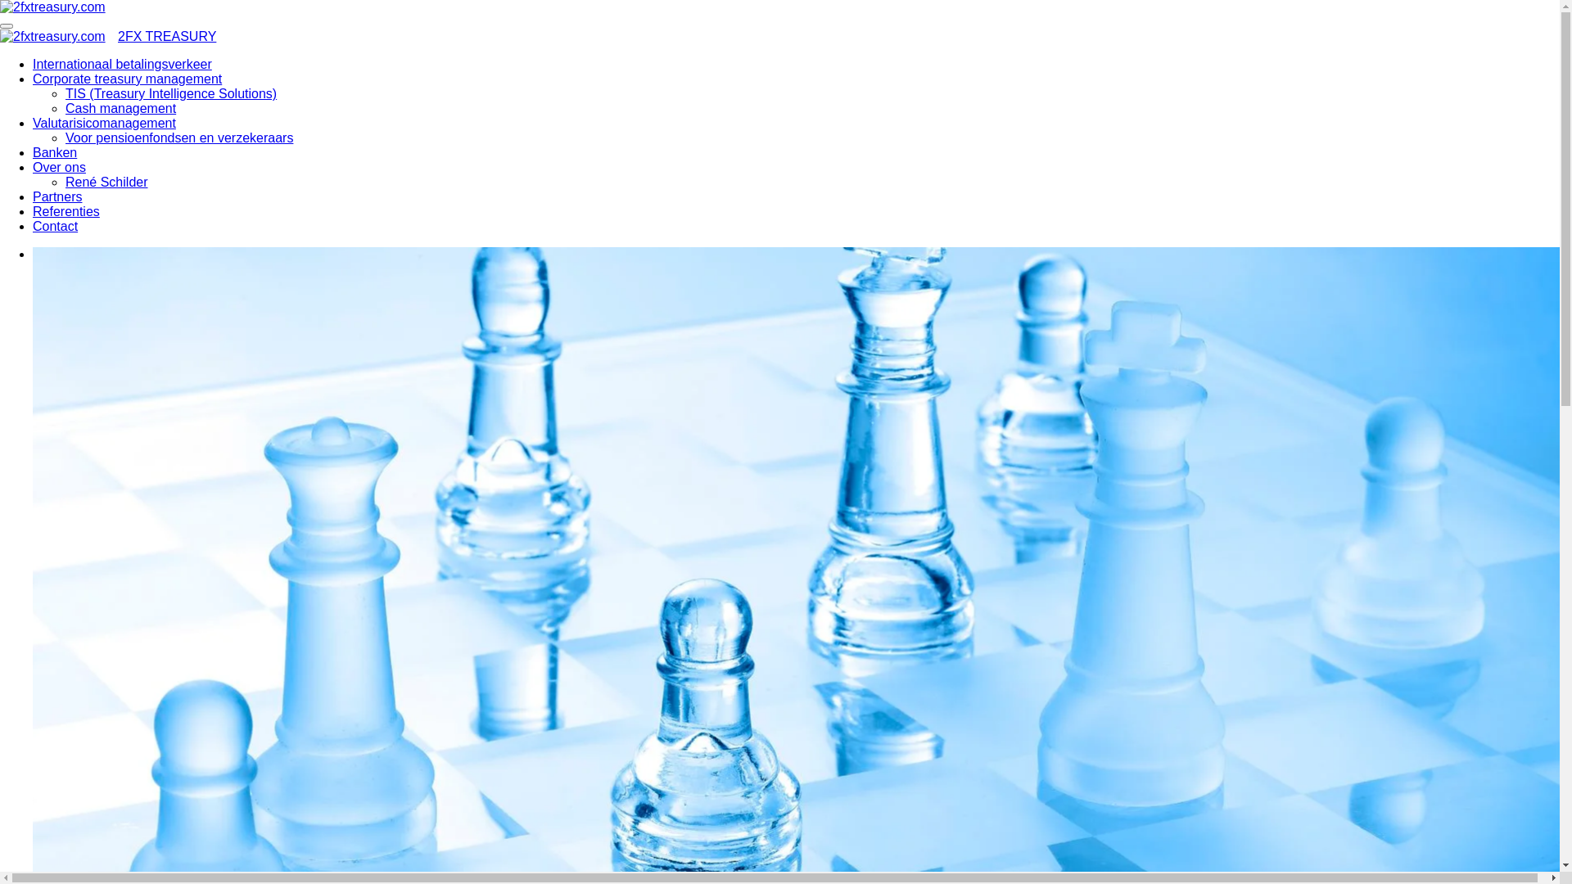 The height and width of the screenshot is (884, 1572). What do you see at coordinates (171, 93) in the screenshot?
I see `'TIS (Treasury Intelligence Solutions)'` at bounding box center [171, 93].